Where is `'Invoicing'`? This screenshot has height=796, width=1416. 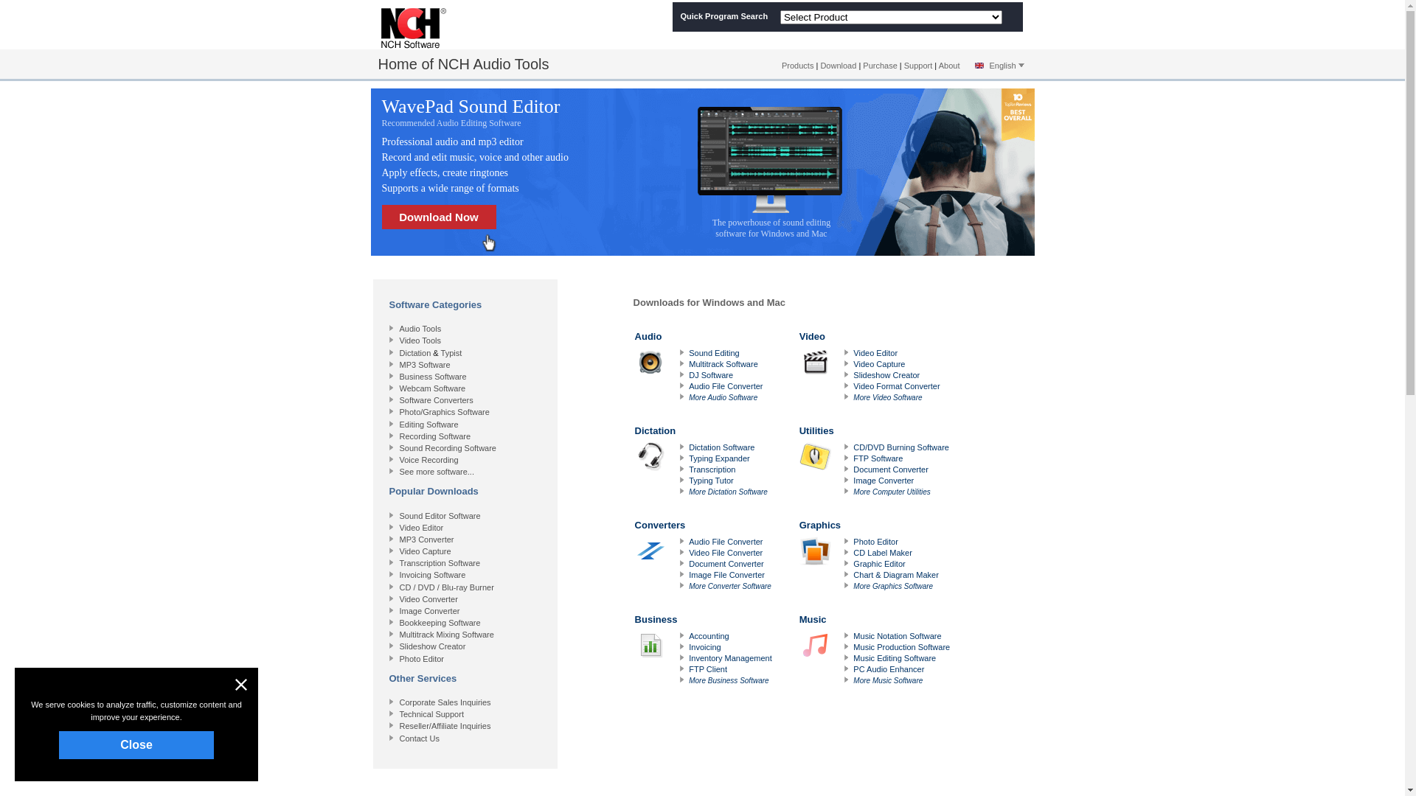
'Invoicing' is located at coordinates (688, 646).